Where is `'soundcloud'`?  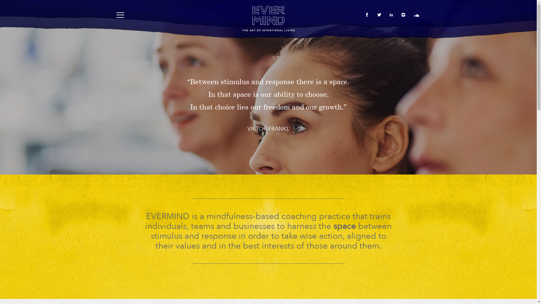
'soundcloud' is located at coordinates (416, 15).